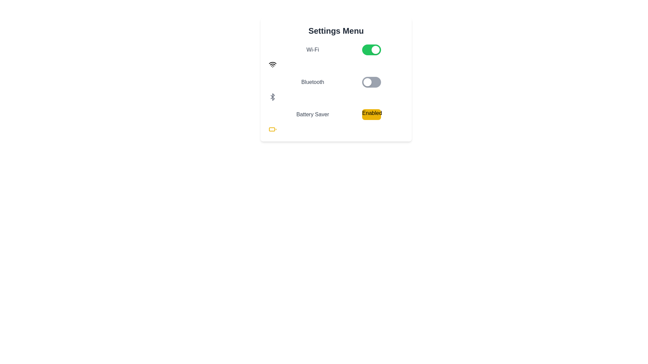 Image resolution: width=648 pixels, height=364 pixels. What do you see at coordinates (312, 49) in the screenshot?
I see `the text label displaying 'Wi-Fi' which is positioned to the left of a green toggle switch in the settings menu` at bounding box center [312, 49].